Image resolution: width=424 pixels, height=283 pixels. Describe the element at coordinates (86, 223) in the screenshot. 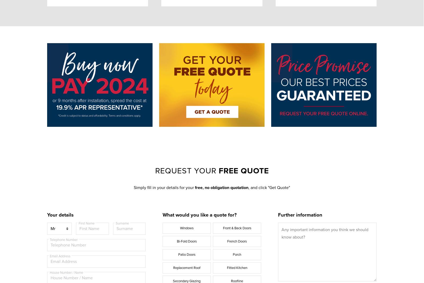

I see `'First Name'` at that location.